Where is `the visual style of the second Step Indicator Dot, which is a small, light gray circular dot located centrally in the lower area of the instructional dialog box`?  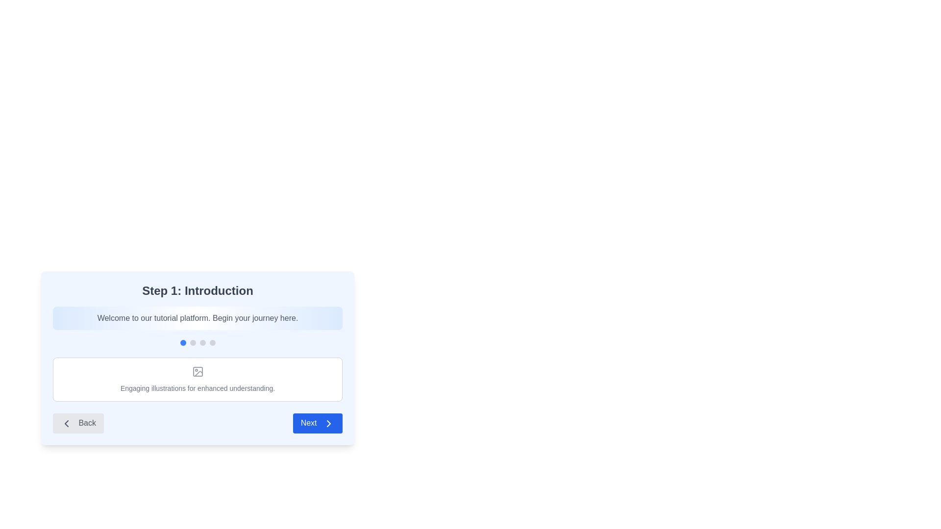
the visual style of the second Step Indicator Dot, which is a small, light gray circular dot located centrally in the lower area of the instructional dialog box is located at coordinates (193, 342).